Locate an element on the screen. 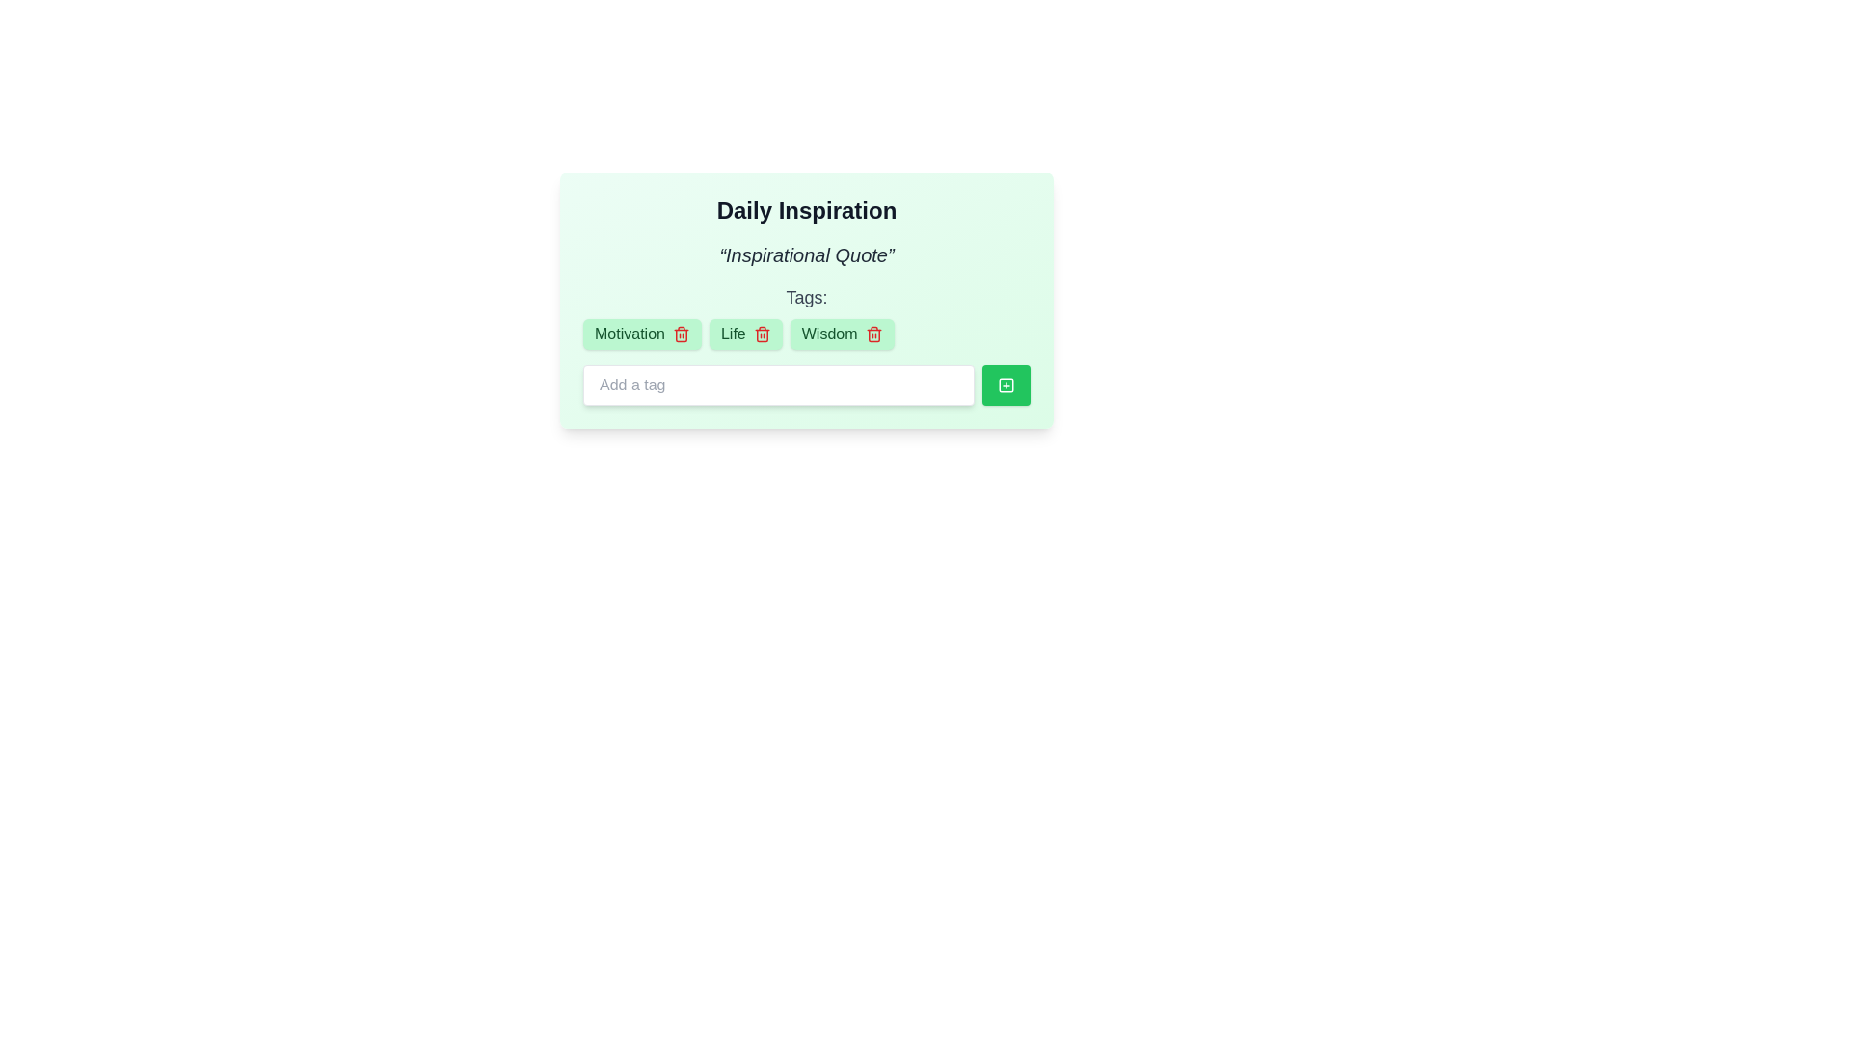 Image resolution: width=1851 pixels, height=1041 pixels. the trash icon button for the tag 'Wisdom' is located at coordinates (872, 334).